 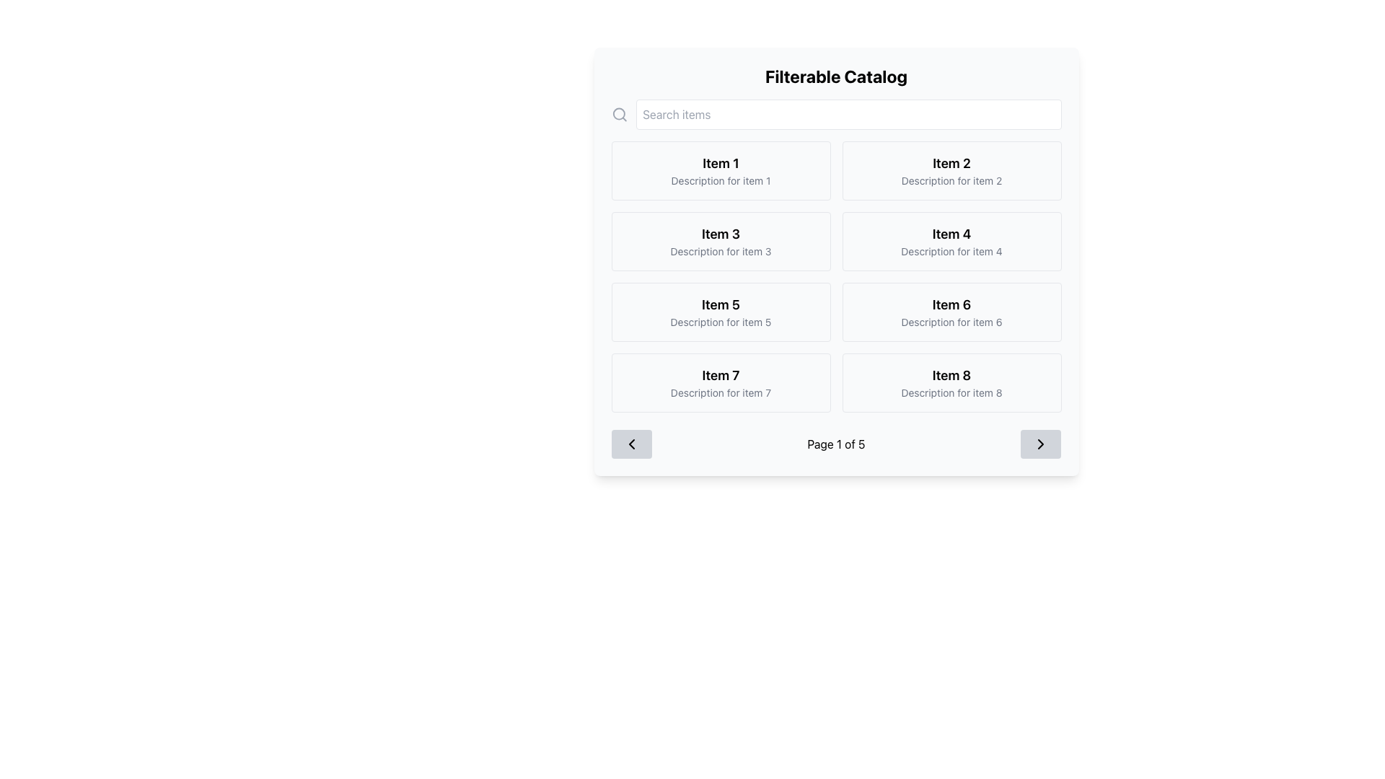 I want to click on the circular graphic element, which is part of an icon located in the top-left corner of the interface, adjacent to the search bar, so click(x=618, y=113).